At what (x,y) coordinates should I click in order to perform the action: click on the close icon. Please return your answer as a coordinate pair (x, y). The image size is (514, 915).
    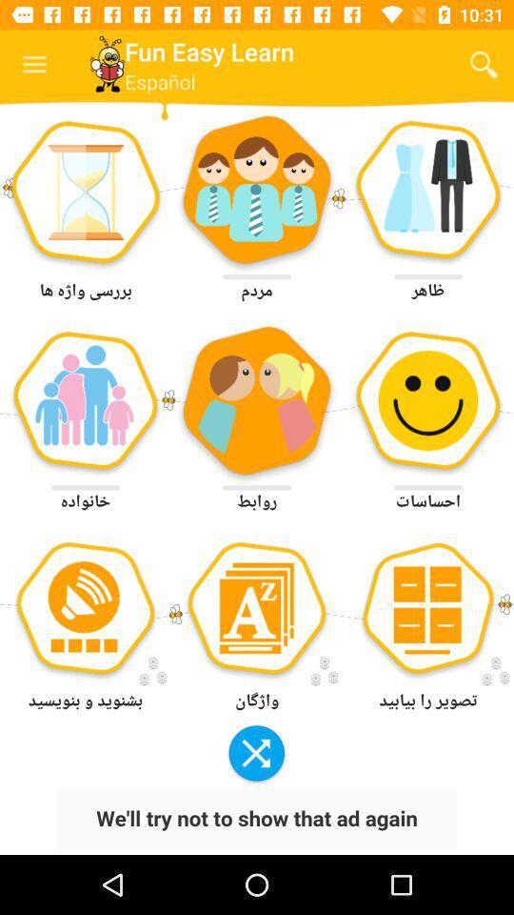
    Looking at the image, I should click on (256, 754).